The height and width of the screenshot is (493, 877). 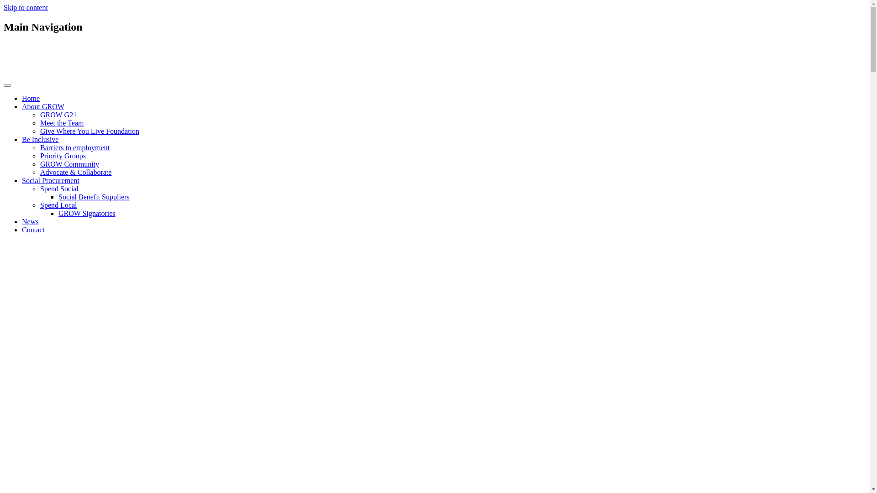 I want to click on 'About GROW', so click(x=42, y=106).